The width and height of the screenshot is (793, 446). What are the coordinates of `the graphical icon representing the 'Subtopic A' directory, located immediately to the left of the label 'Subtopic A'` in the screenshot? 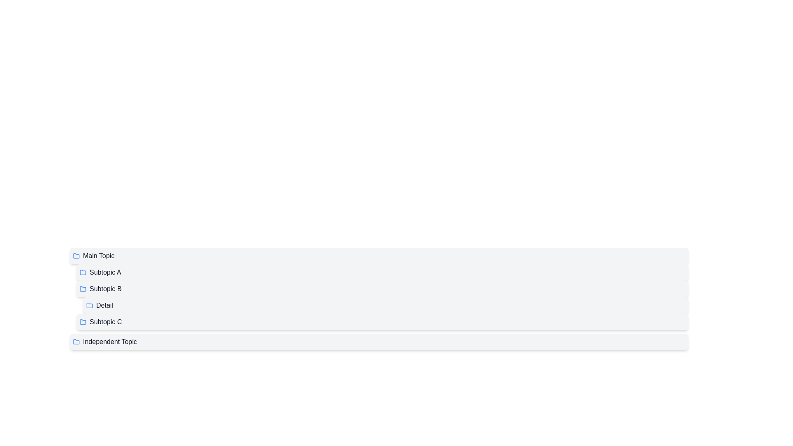 It's located at (83, 272).